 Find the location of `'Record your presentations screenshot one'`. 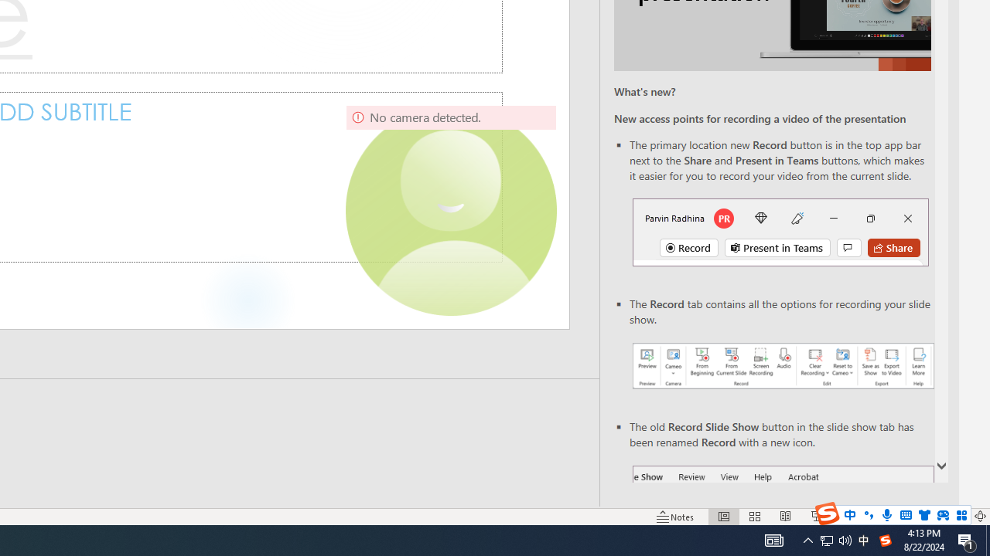

'Record your presentations screenshot one' is located at coordinates (783, 366).